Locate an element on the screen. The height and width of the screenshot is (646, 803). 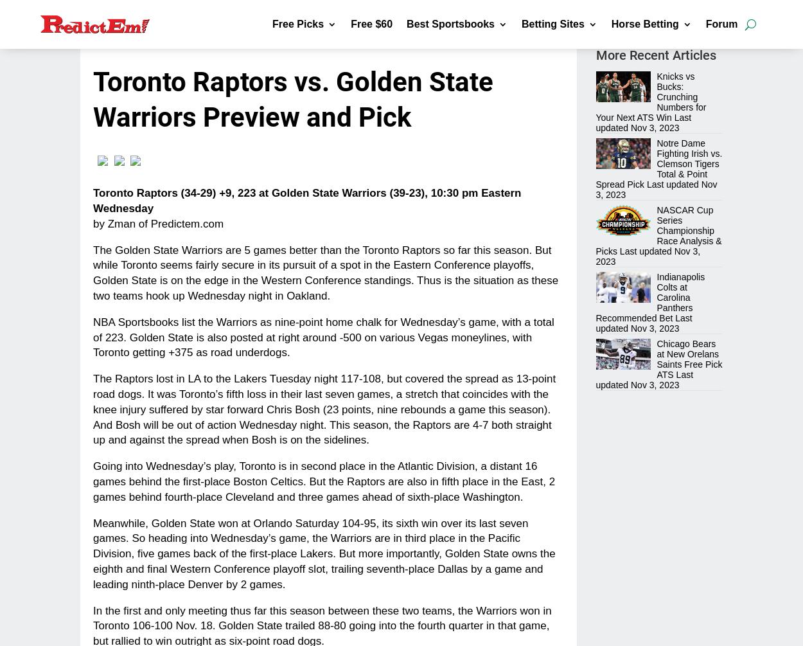
'NASCAR Picks' is located at coordinates (290, 291).